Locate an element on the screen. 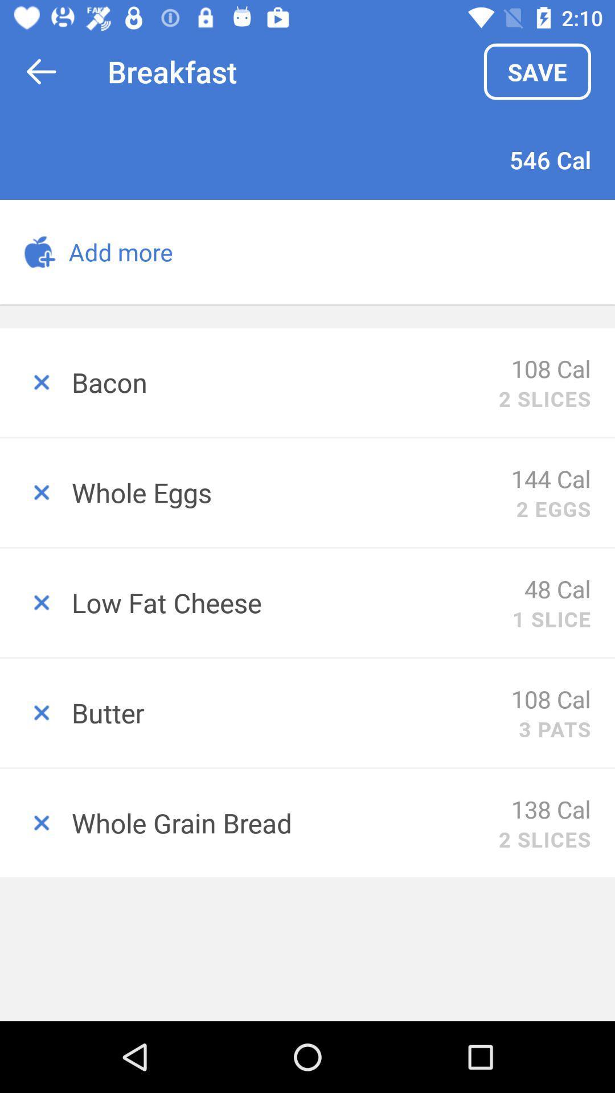 Image resolution: width=615 pixels, height=1093 pixels. remove item is located at coordinates (35, 383).